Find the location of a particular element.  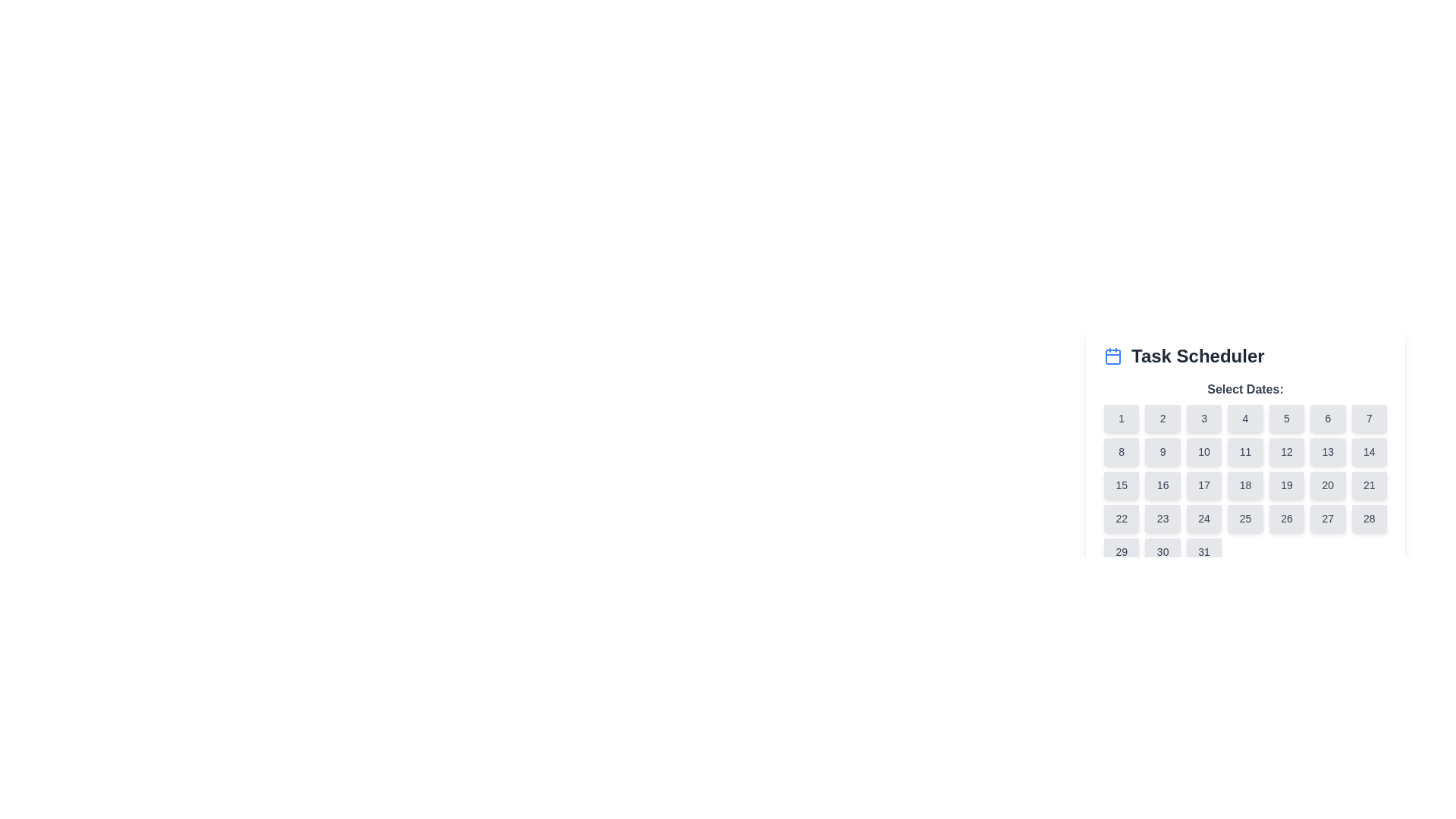

the 20th button in the calendar interface of the 'Task Scheduler' is located at coordinates (1327, 485).